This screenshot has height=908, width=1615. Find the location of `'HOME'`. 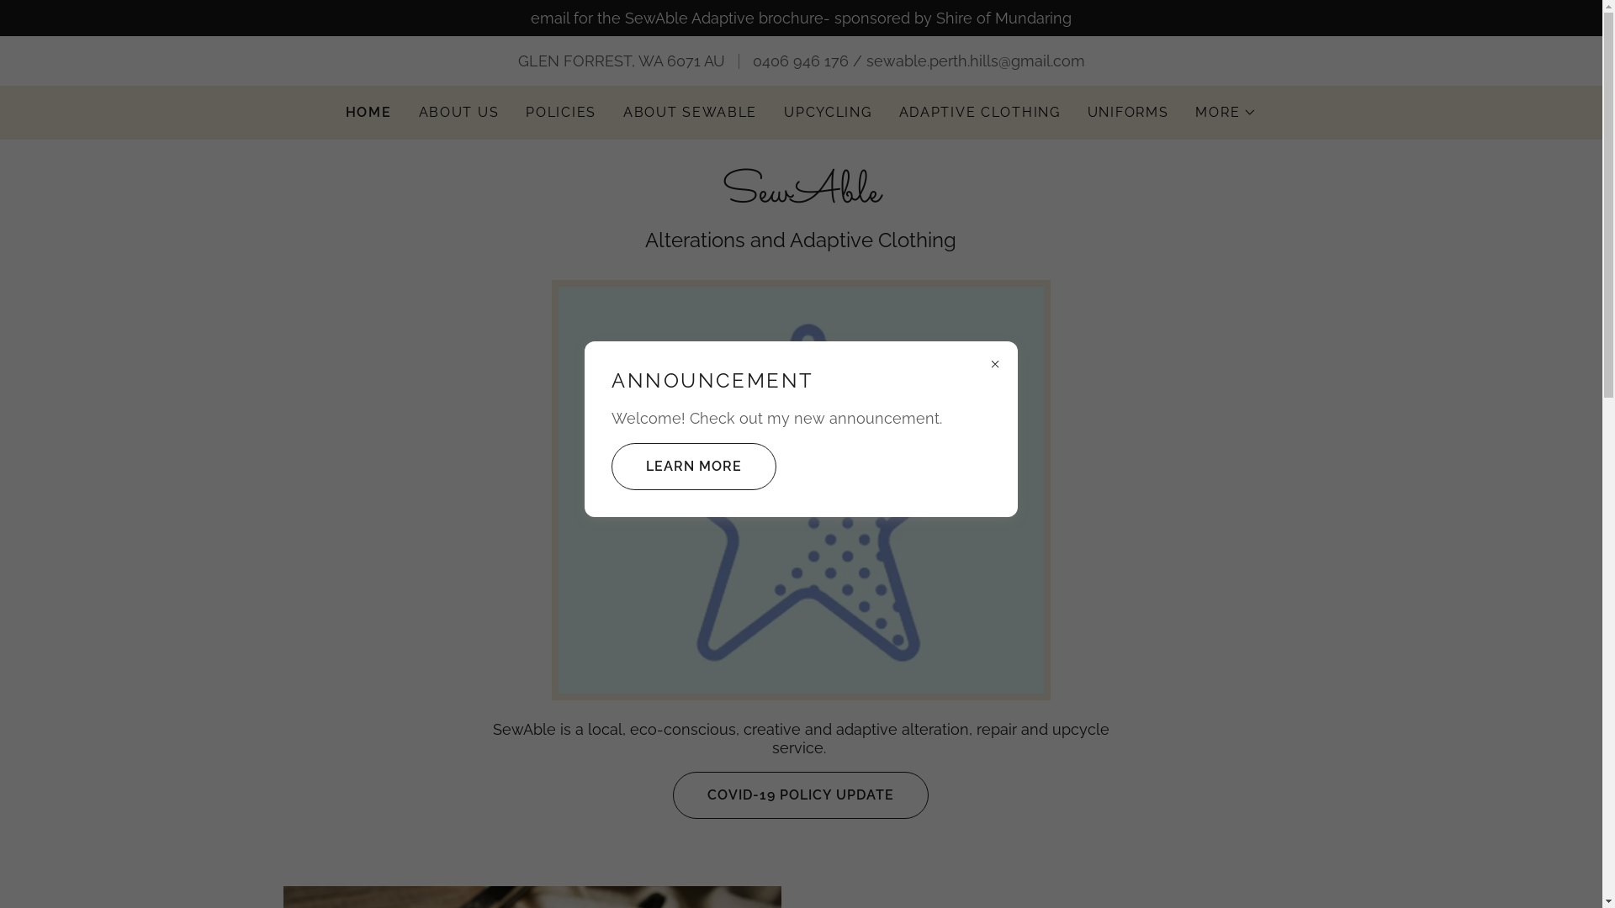

'HOME' is located at coordinates (368, 113).